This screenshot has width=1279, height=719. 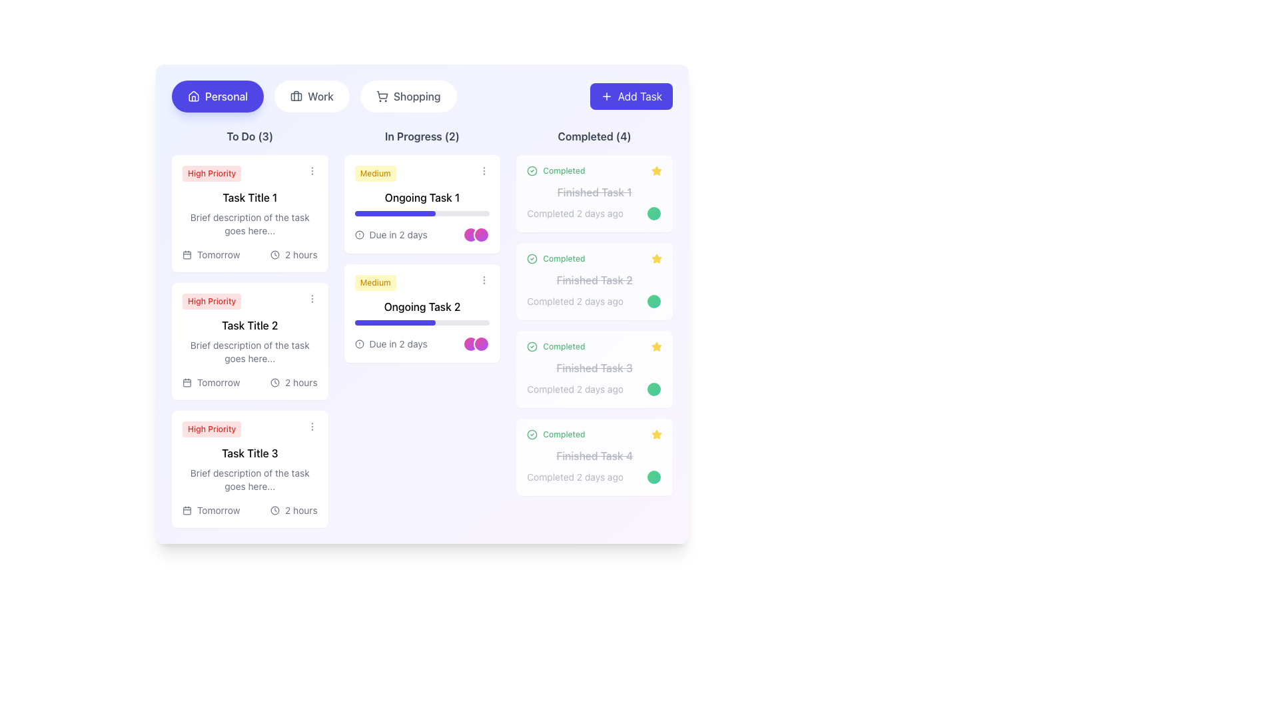 What do you see at coordinates (274, 382) in the screenshot?
I see `the clock icon that visually indicates a time duration of '2 hours' within the card labeled 'Task Title 2' in the 'To Do' list` at bounding box center [274, 382].